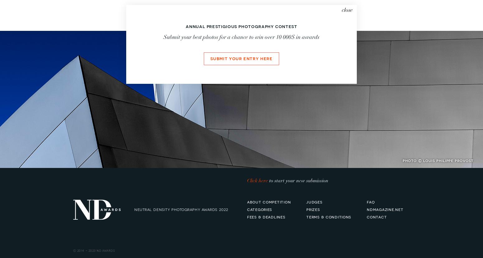  Describe the element at coordinates (385, 208) in the screenshot. I see `'ndmagazine.net'` at that location.